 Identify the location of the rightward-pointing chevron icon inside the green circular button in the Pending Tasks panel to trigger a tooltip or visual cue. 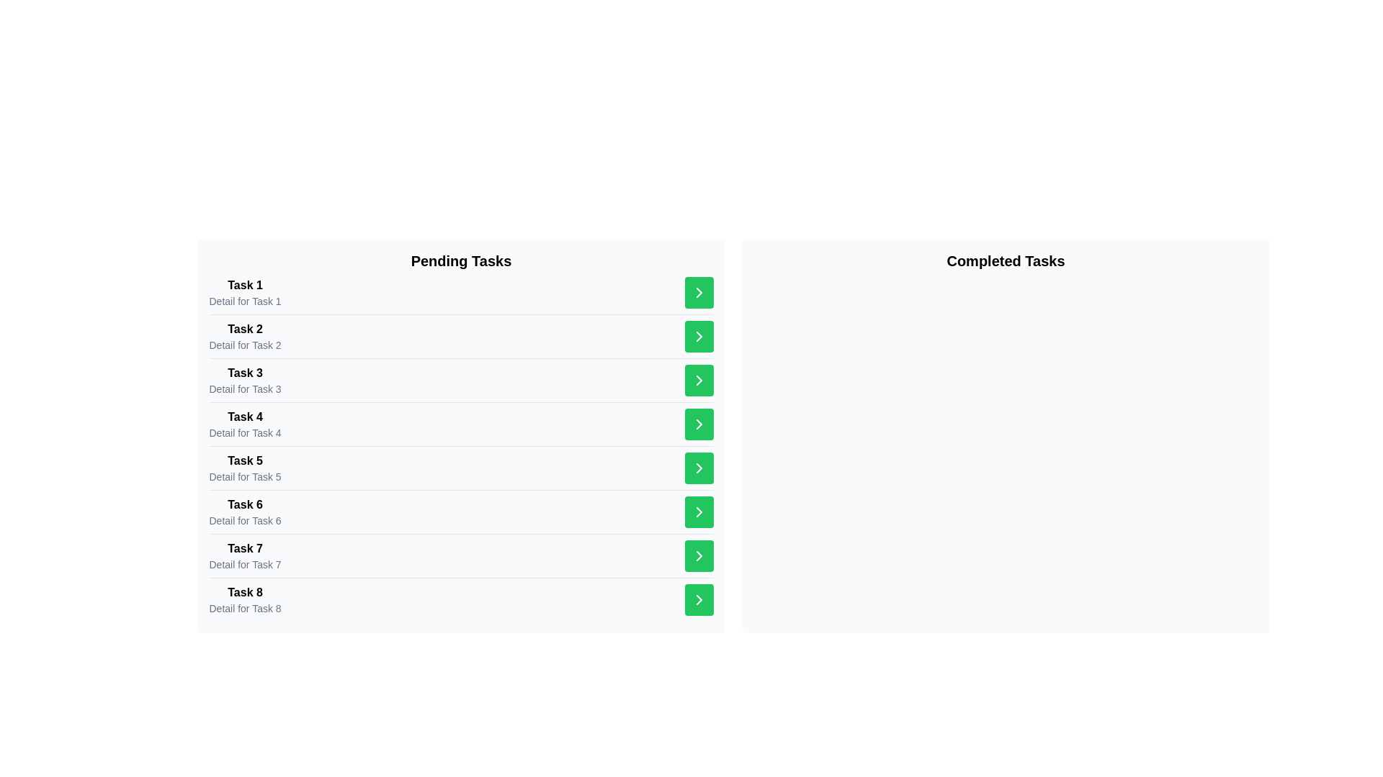
(699, 599).